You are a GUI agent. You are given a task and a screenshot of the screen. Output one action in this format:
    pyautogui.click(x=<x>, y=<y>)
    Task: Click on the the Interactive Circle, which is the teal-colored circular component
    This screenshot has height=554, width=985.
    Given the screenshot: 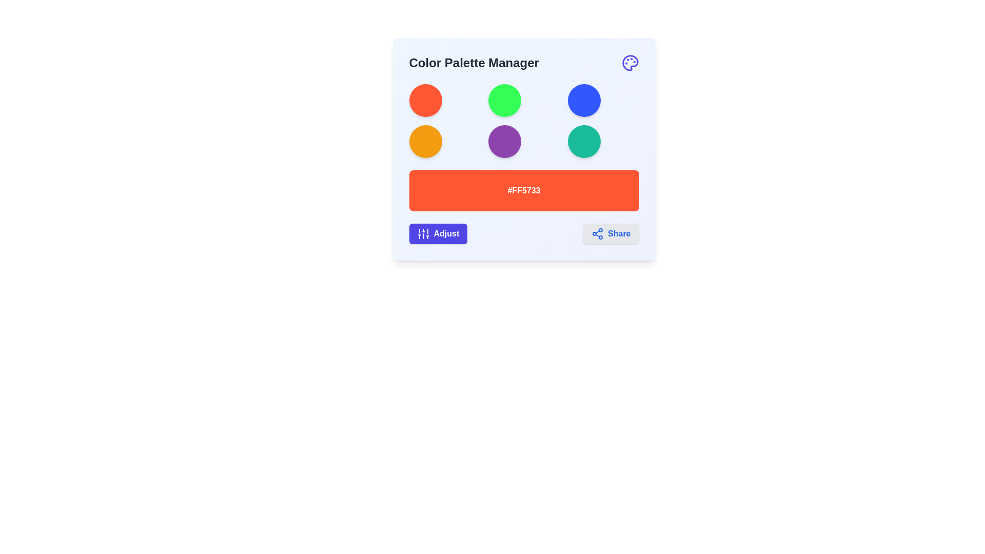 What is the action you would take?
    pyautogui.click(x=584, y=142)
    